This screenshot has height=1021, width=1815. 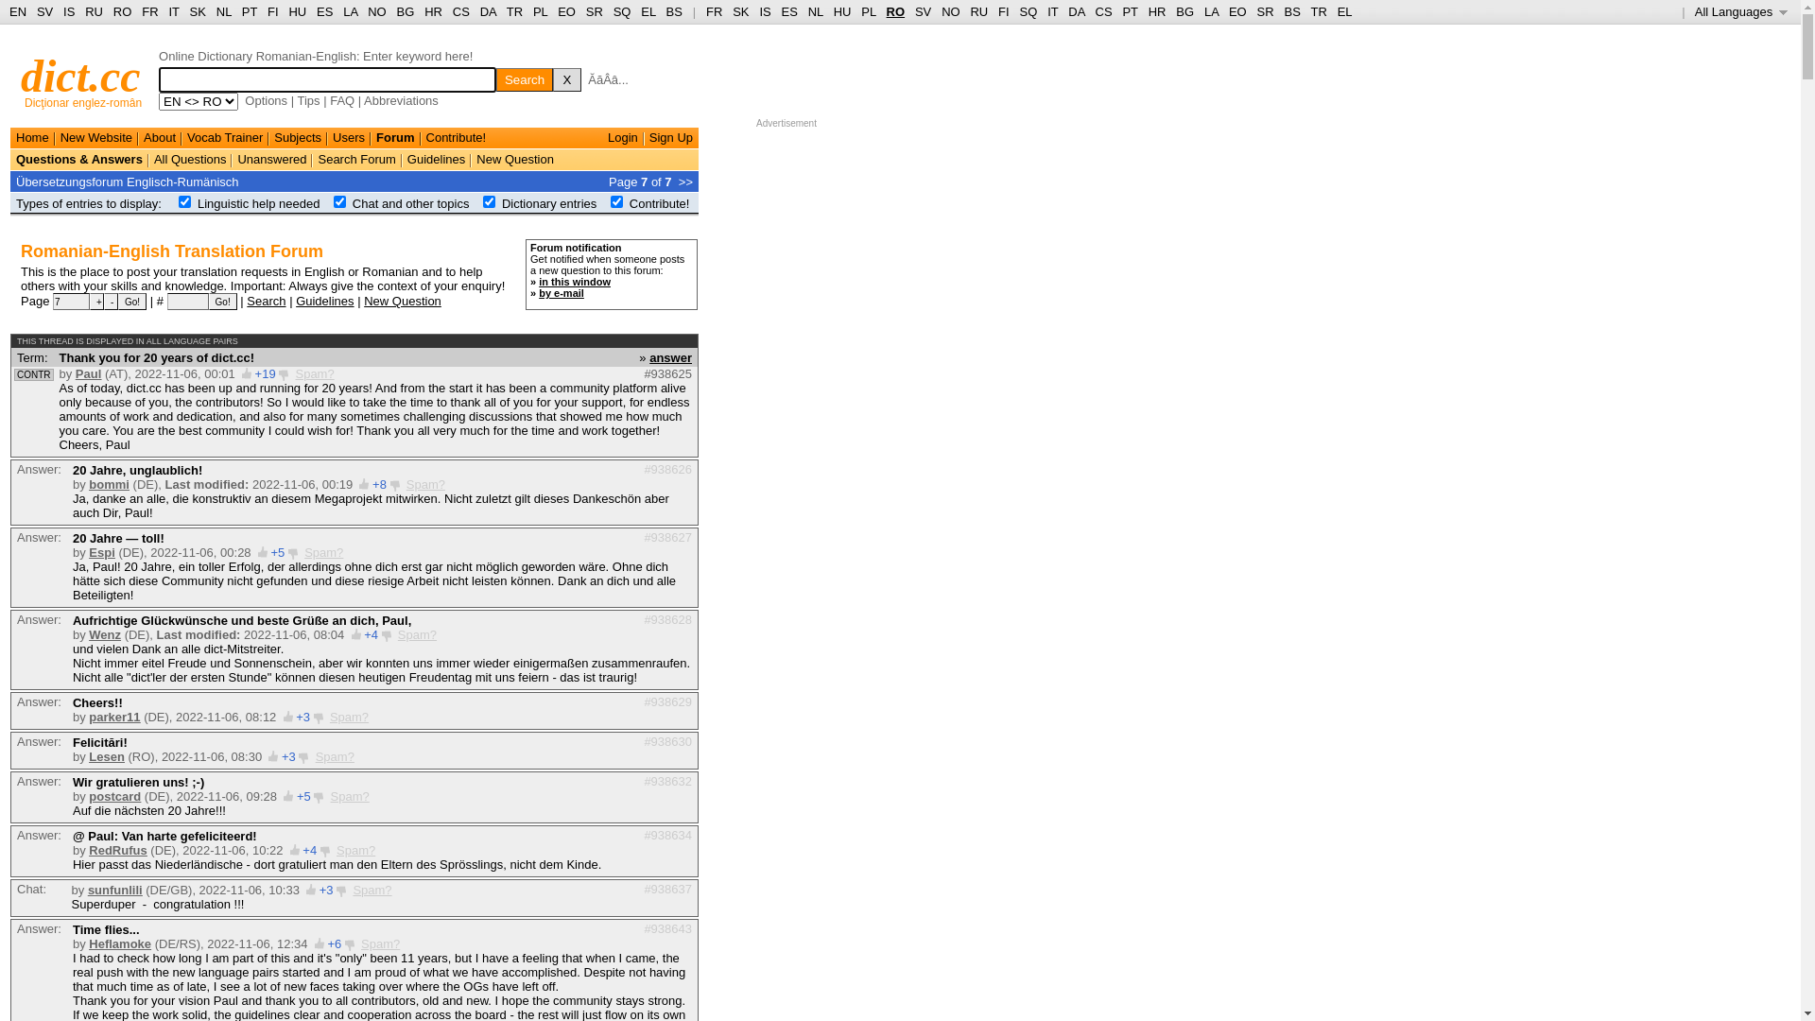 What do you see at coordinates (667, 926) in the screenshot?
I see `'#938643'` at bounding box center [667, 926].